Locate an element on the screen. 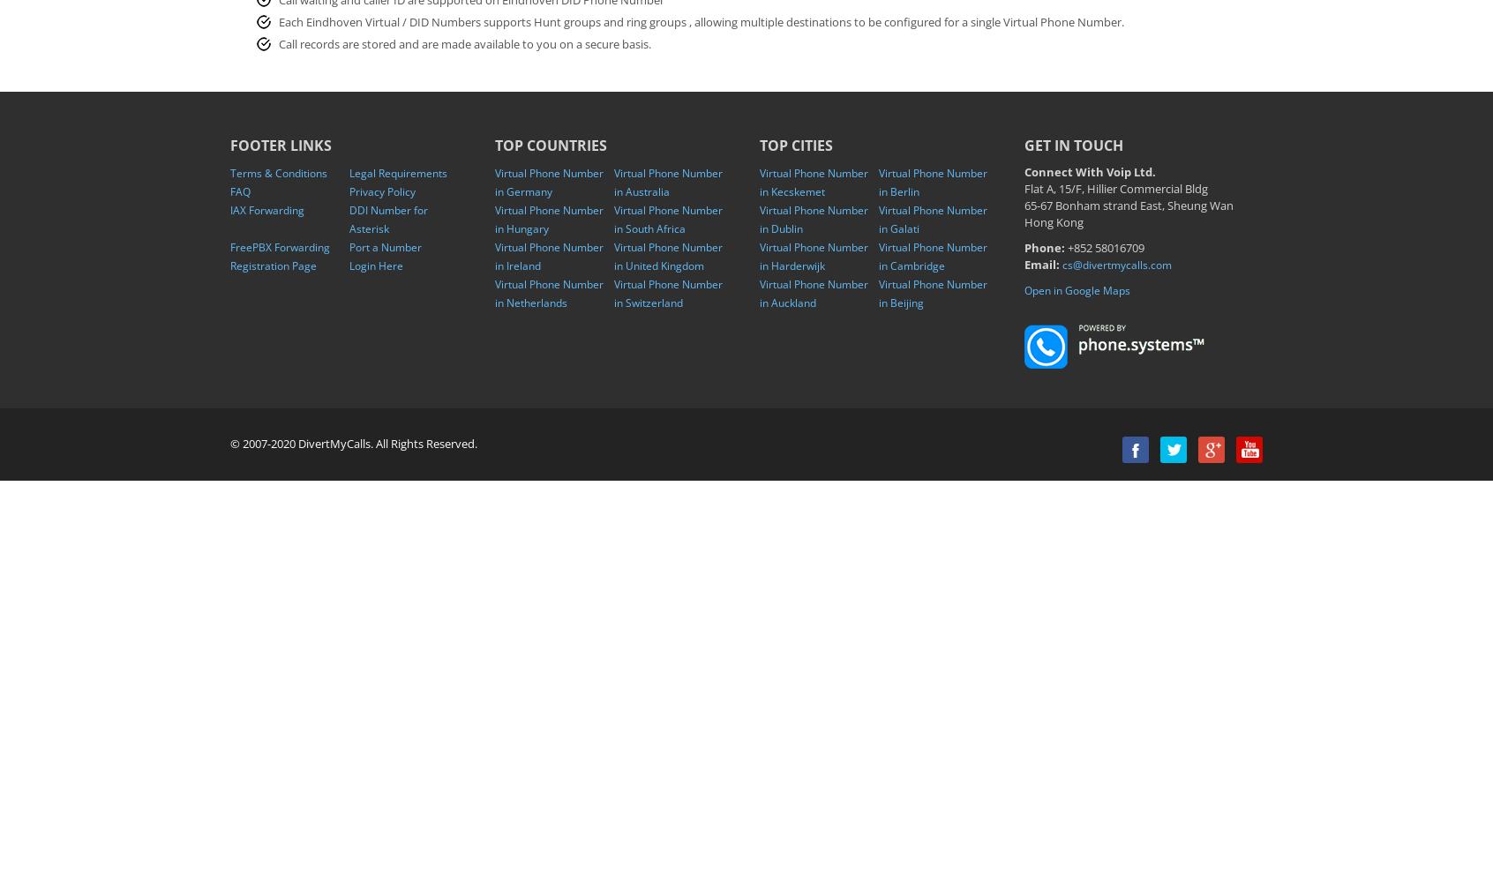 This screenshot has height=882, width=1493. '+852 58016709' is located at coordinates (1105, 248).